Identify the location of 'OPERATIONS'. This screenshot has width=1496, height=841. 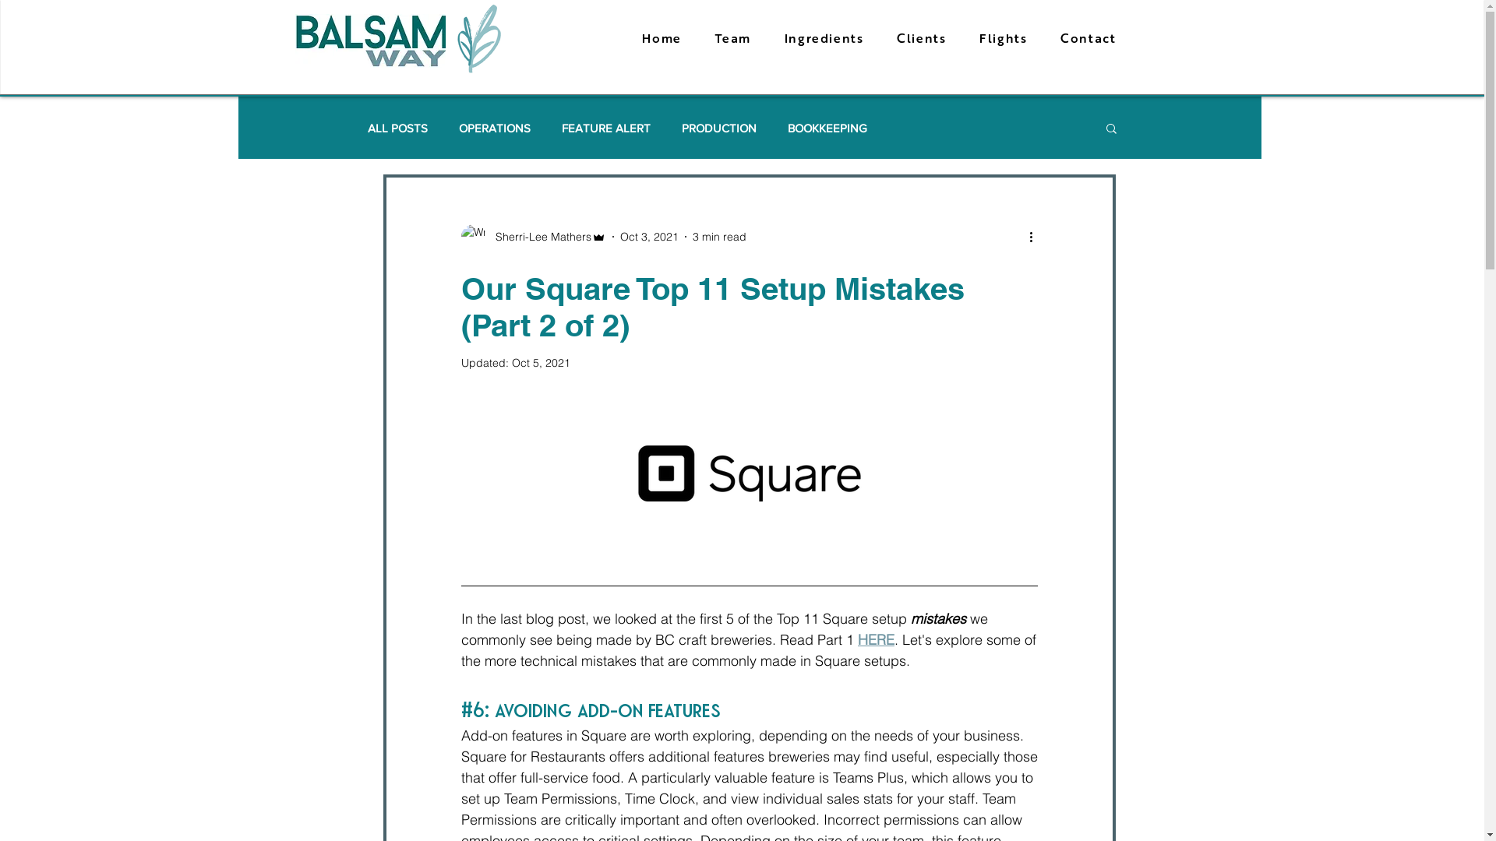
(493, 127).